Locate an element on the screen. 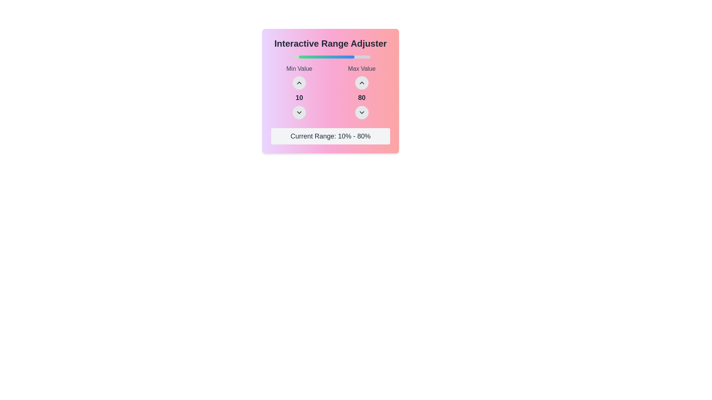 The width and height of the screenshot is (712, 400). the circular button with a light gray background and an upward-pointing black chevron icon located in the Max Value column, positioned above the numeric value '80' and below the label 'Max Value' to increment the value is located at coordinates (362, 83).